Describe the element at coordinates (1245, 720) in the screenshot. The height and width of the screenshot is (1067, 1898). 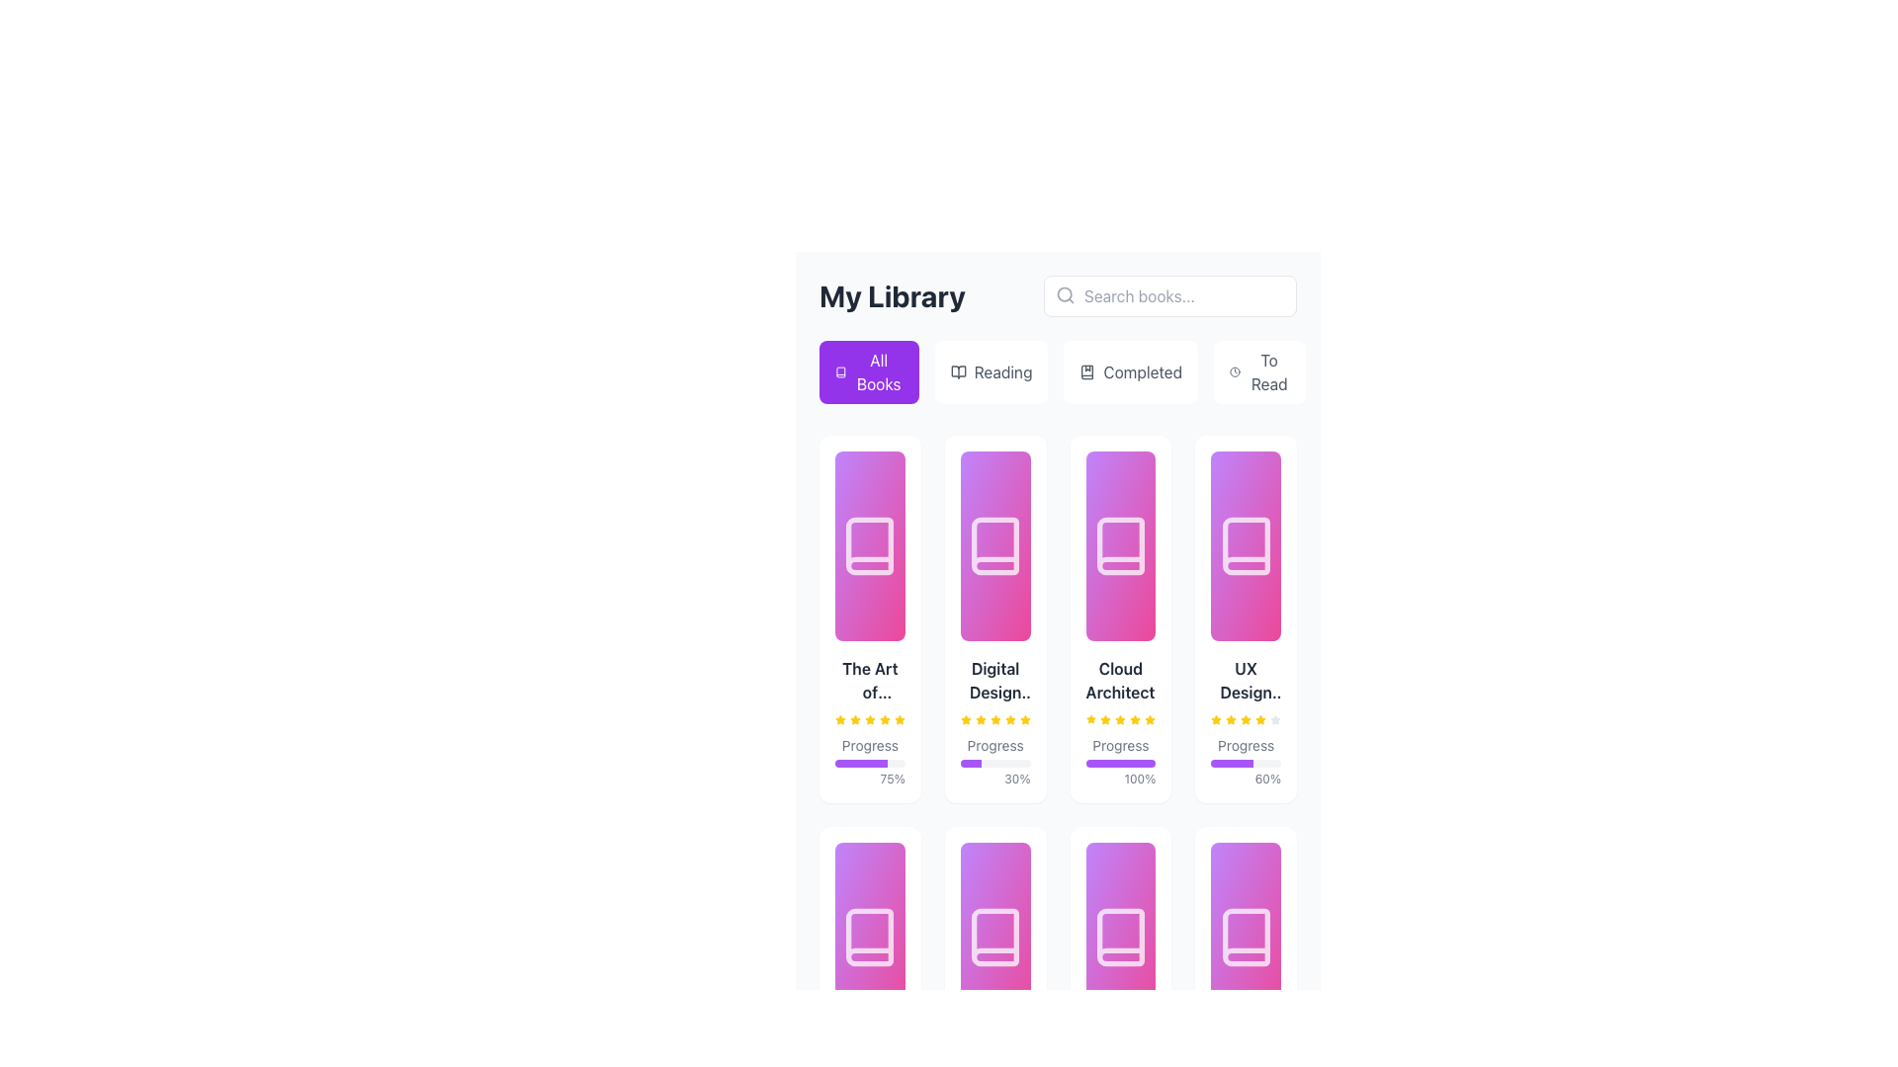
I see `the fourth yellow filled star icon in the rating indicator of the UX Design card located in the My Library interface` at that location.